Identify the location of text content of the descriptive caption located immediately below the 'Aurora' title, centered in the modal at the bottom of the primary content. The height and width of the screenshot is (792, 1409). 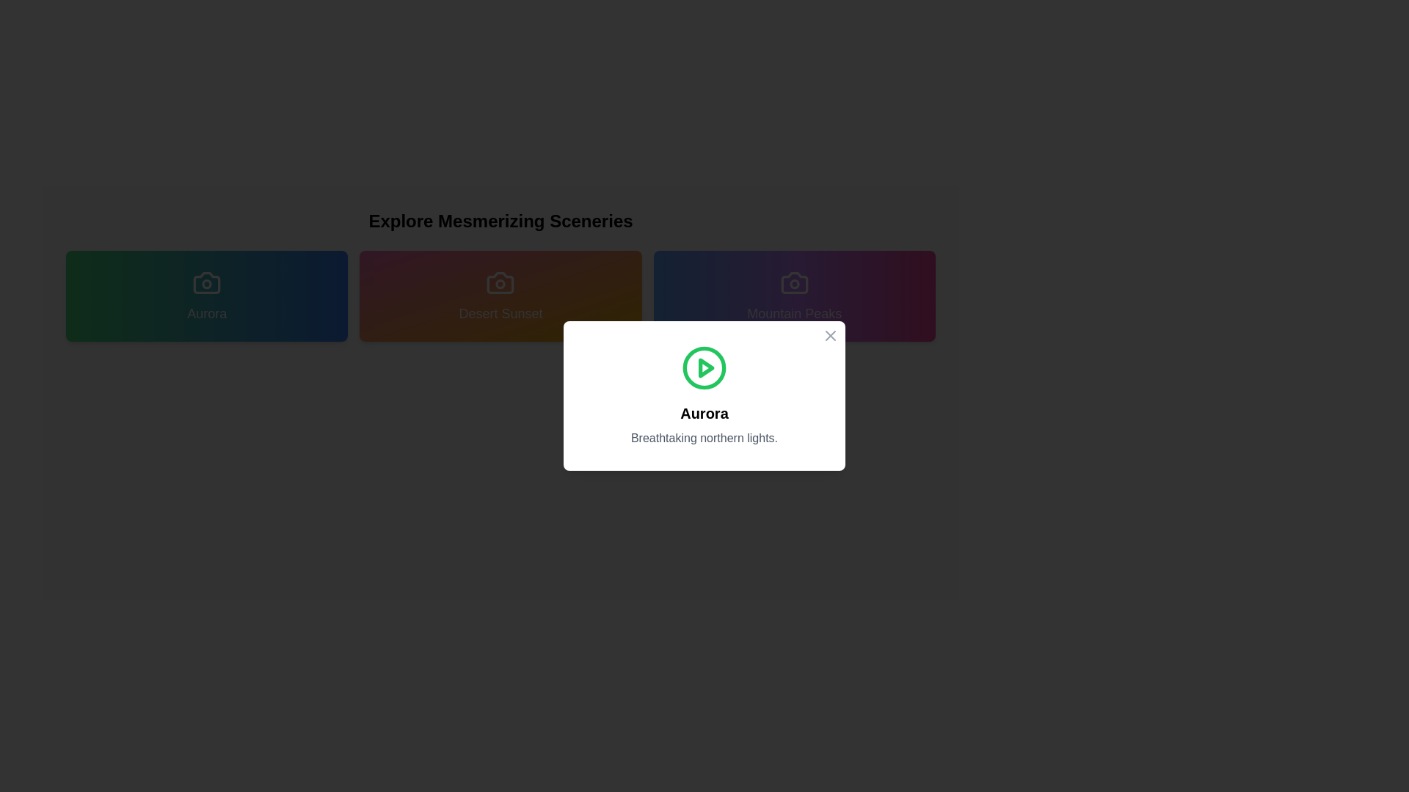
(704, 437).